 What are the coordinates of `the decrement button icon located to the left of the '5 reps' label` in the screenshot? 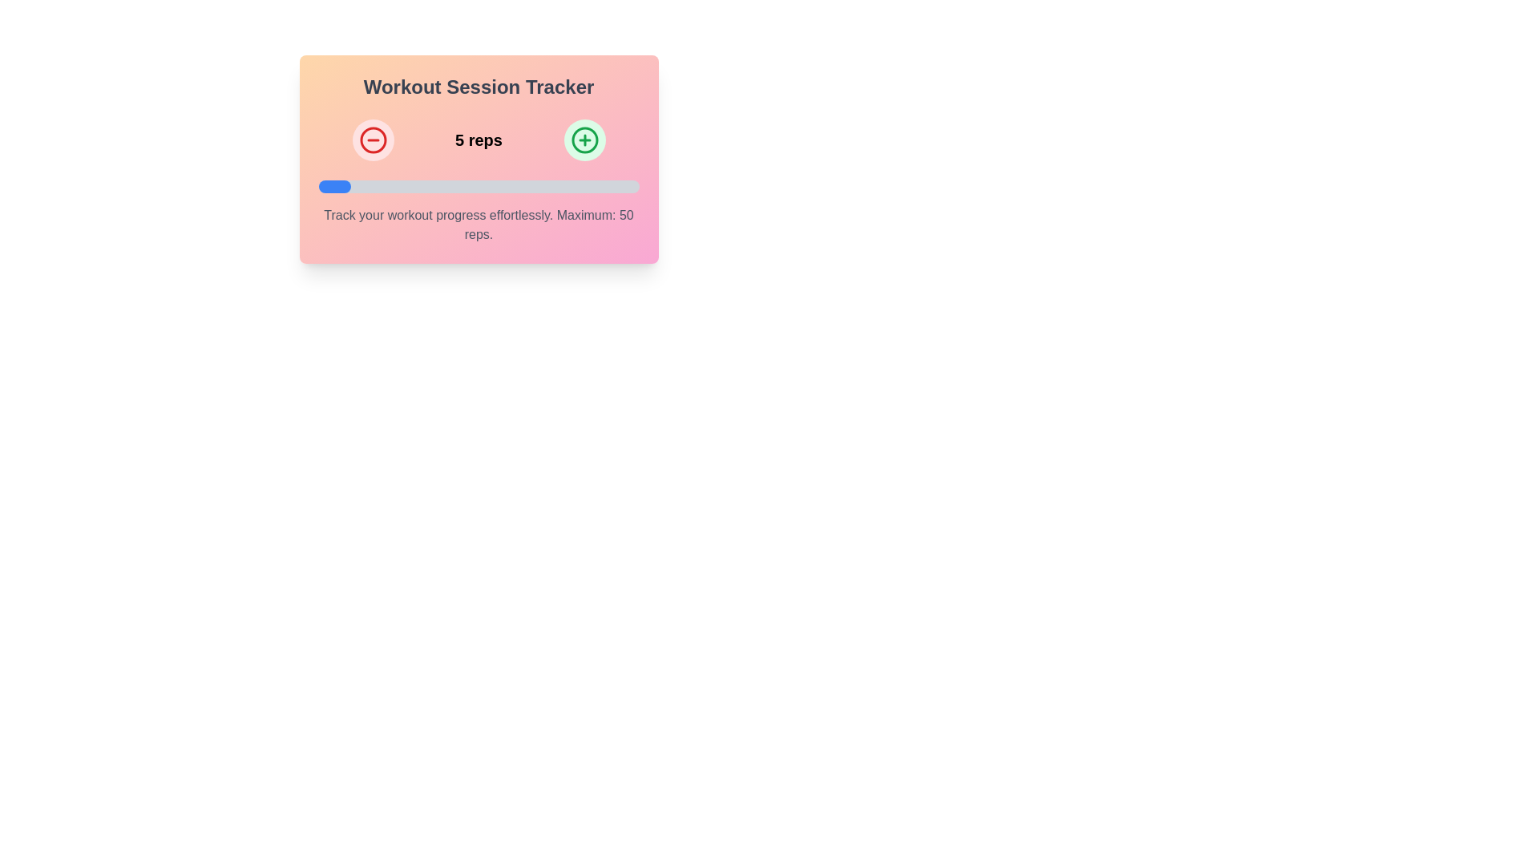 It's located at (372, 139).